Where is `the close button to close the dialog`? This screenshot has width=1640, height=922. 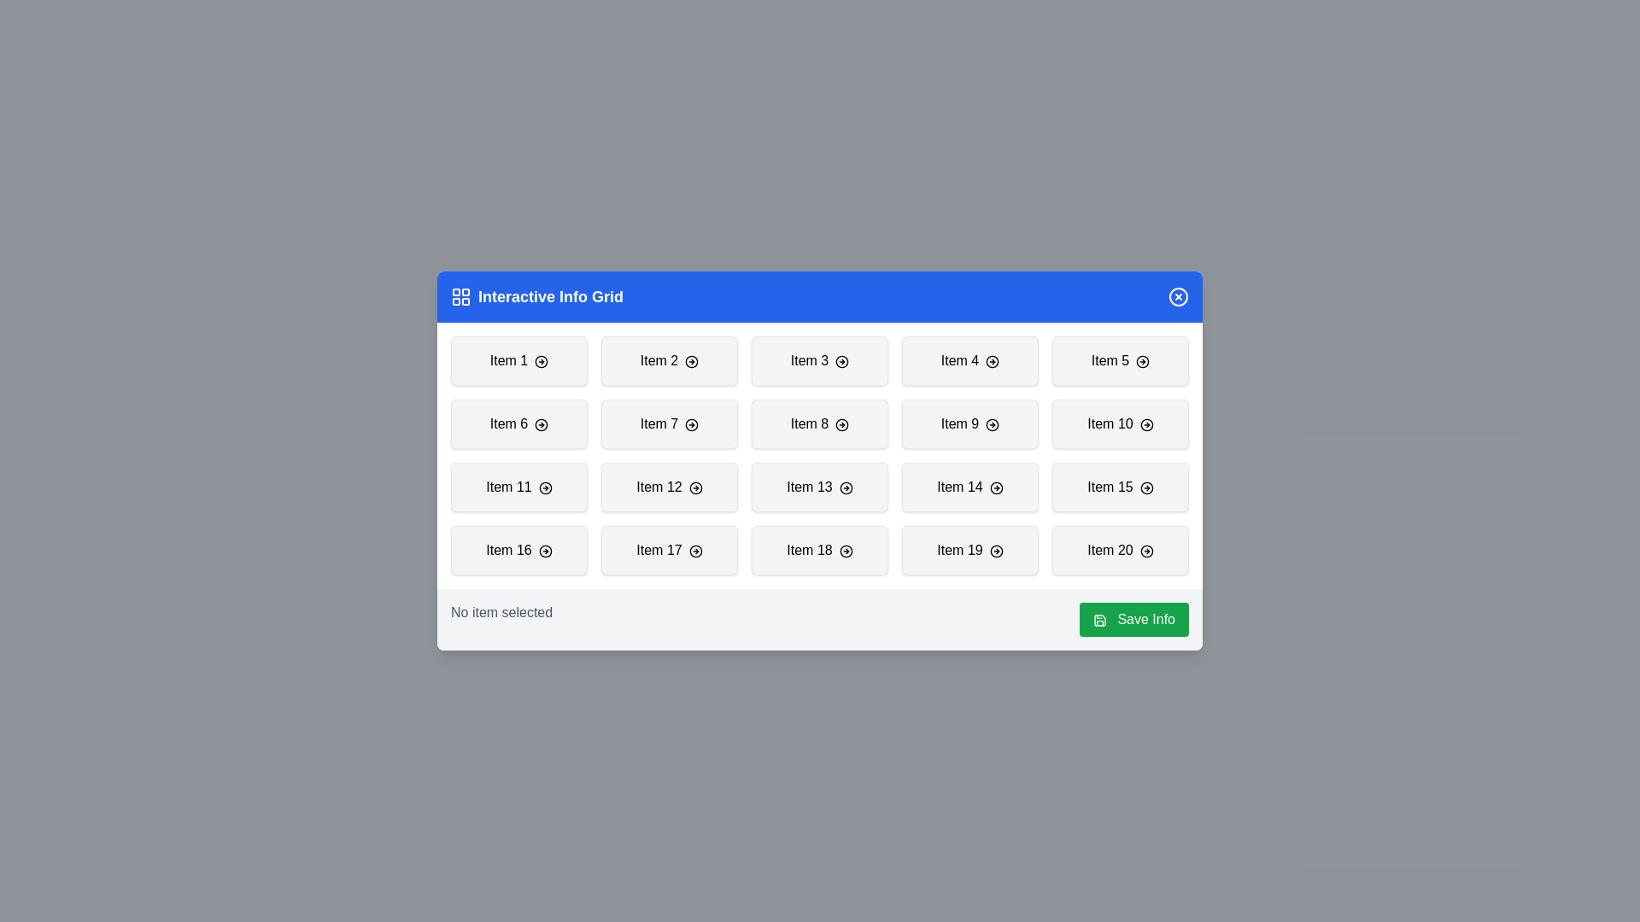
the close button to close the dialog is located at coordinates (1178, 295).